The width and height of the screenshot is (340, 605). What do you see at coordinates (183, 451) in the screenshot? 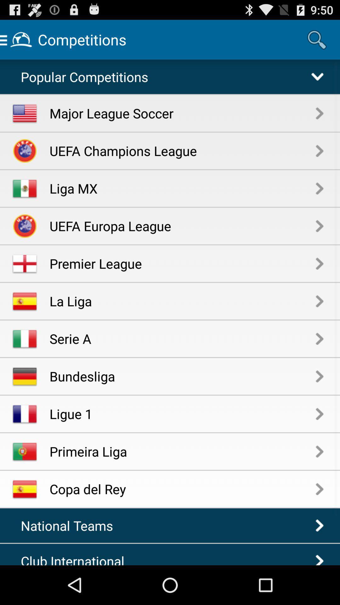
I see `item above copa del rey app` at bounding box center [183, 451].